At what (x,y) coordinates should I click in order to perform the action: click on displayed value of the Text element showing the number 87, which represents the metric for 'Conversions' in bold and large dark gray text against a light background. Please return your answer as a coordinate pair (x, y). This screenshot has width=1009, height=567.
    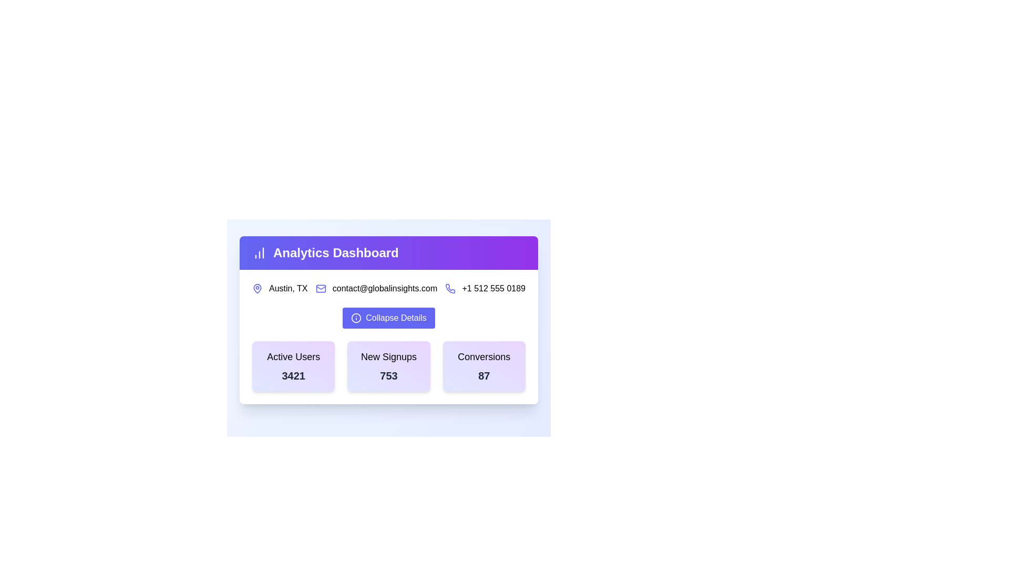
    Looking at the image, I should click on (483, 375).